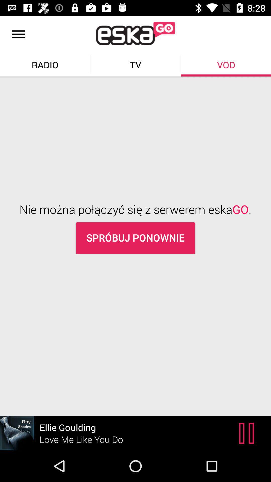 This screenshot has width=271, height=482. Describe the element at coordinates (247, 433) in the screenshot. I see `the pause icon on the bottom right corner of the page` at that location.